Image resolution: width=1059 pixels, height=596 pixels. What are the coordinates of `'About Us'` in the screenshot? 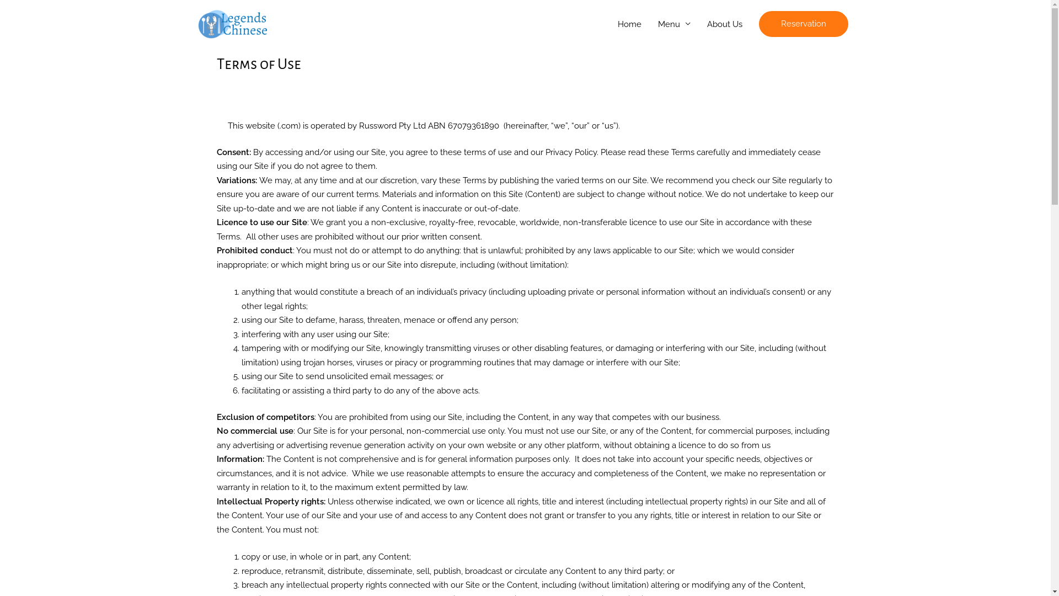 It's located at (724, 24).